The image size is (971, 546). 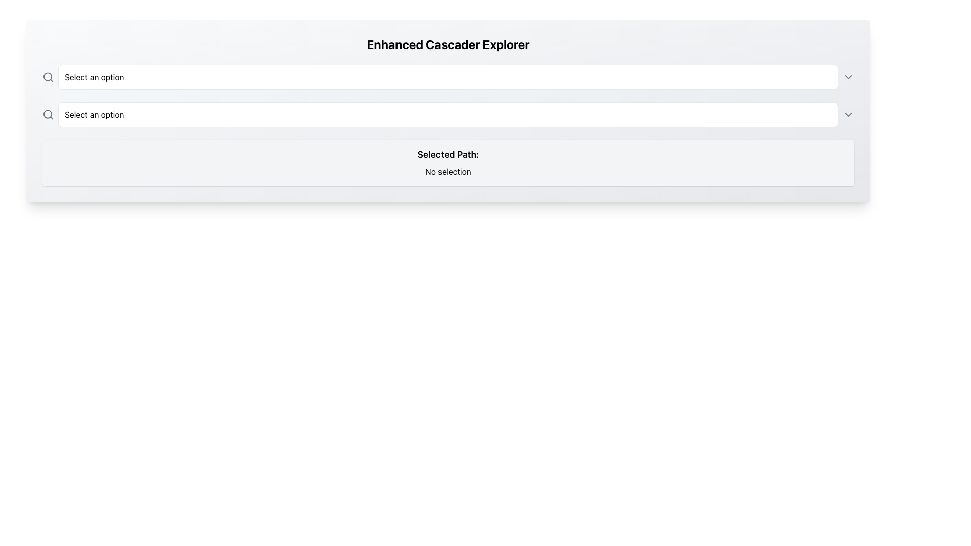 What do you see at coordinates (47, 114) in the screenshot?
I see `the circular SVG element representing the search function located on the left side of the second input field` at bounding box center [47, 114].